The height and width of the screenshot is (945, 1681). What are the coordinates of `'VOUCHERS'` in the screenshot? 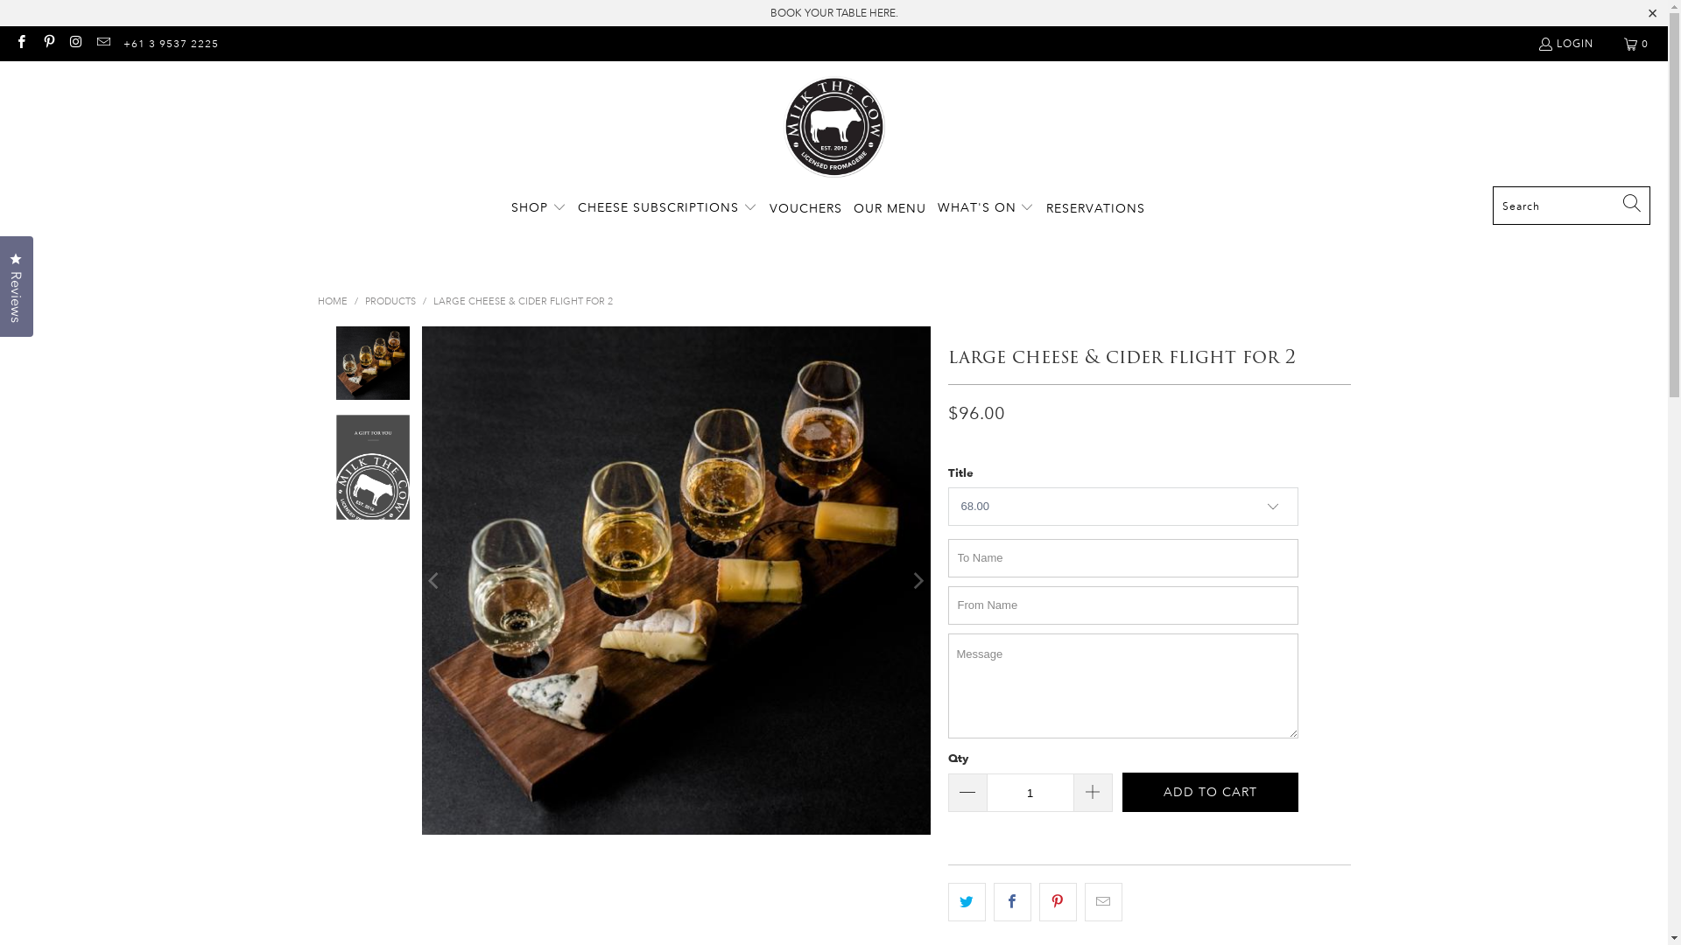 It's located at (805, 207).